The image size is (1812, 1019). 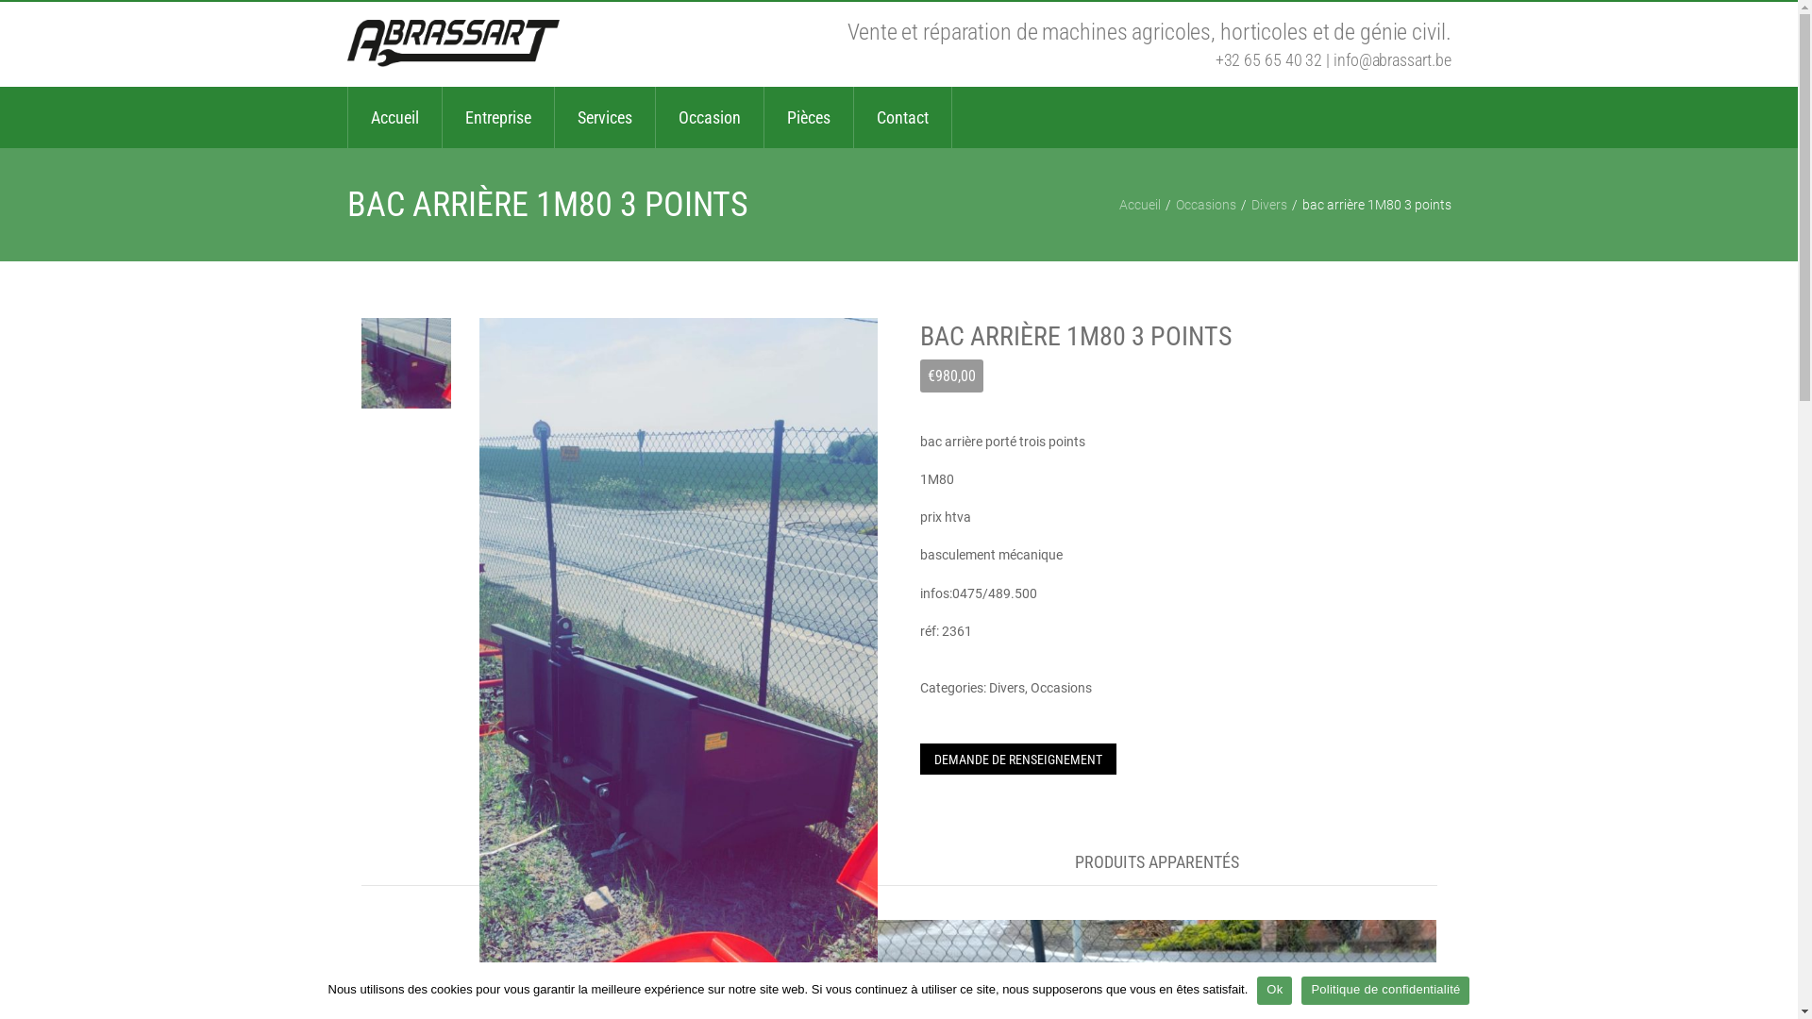 I want to click on 'Logo', so click(x=453, y=42).